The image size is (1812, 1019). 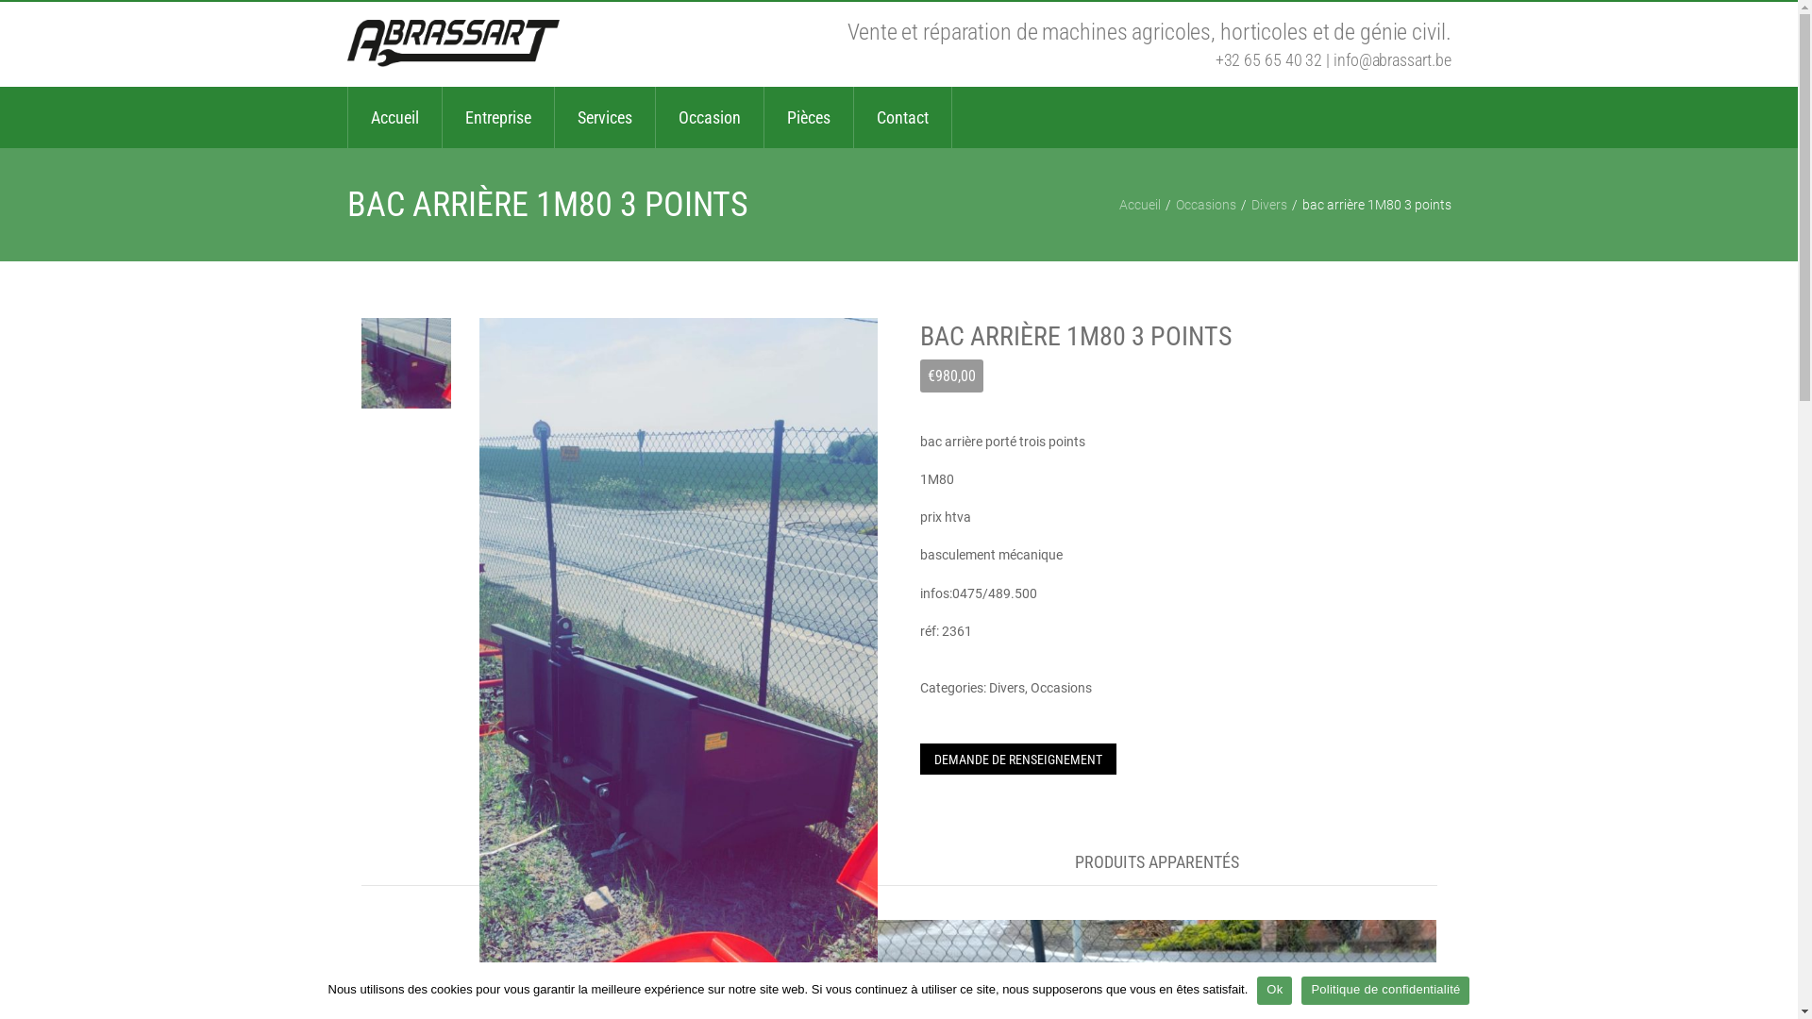 I want to click on 'Logo', so click(x=453, y=42).